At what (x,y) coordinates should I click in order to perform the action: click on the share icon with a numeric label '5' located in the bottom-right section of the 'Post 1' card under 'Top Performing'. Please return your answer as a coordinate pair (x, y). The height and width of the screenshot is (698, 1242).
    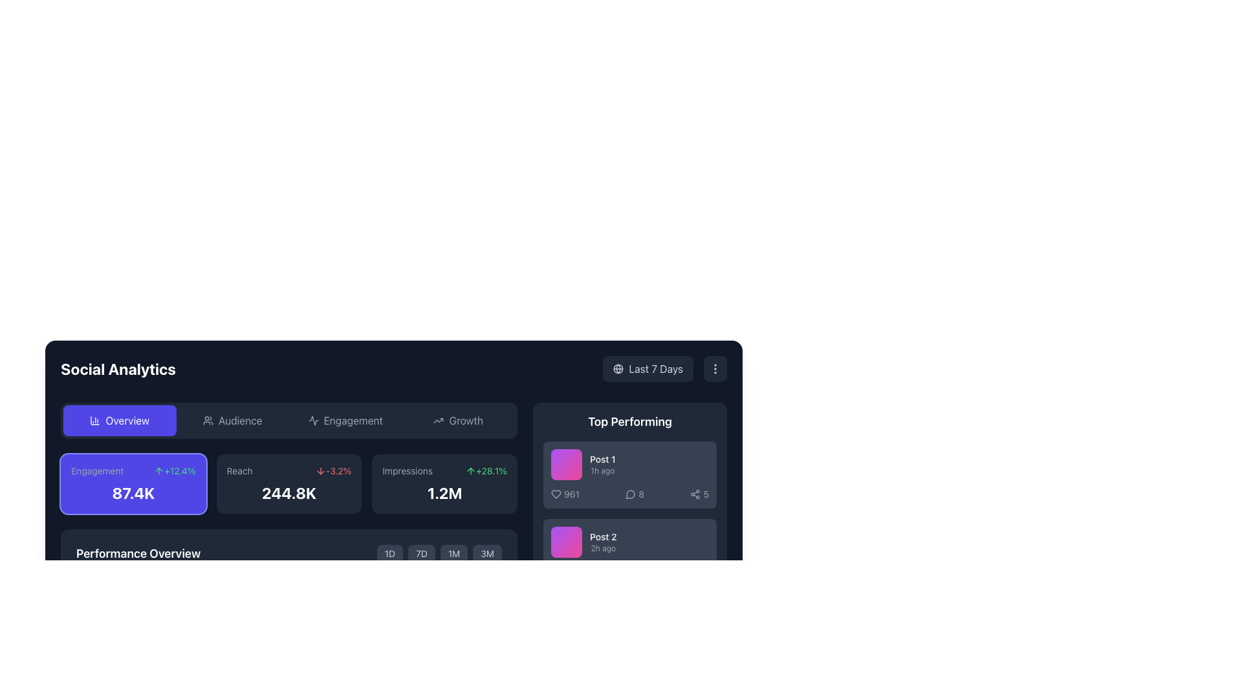
    Looking at the image, I should click on (699, 494).